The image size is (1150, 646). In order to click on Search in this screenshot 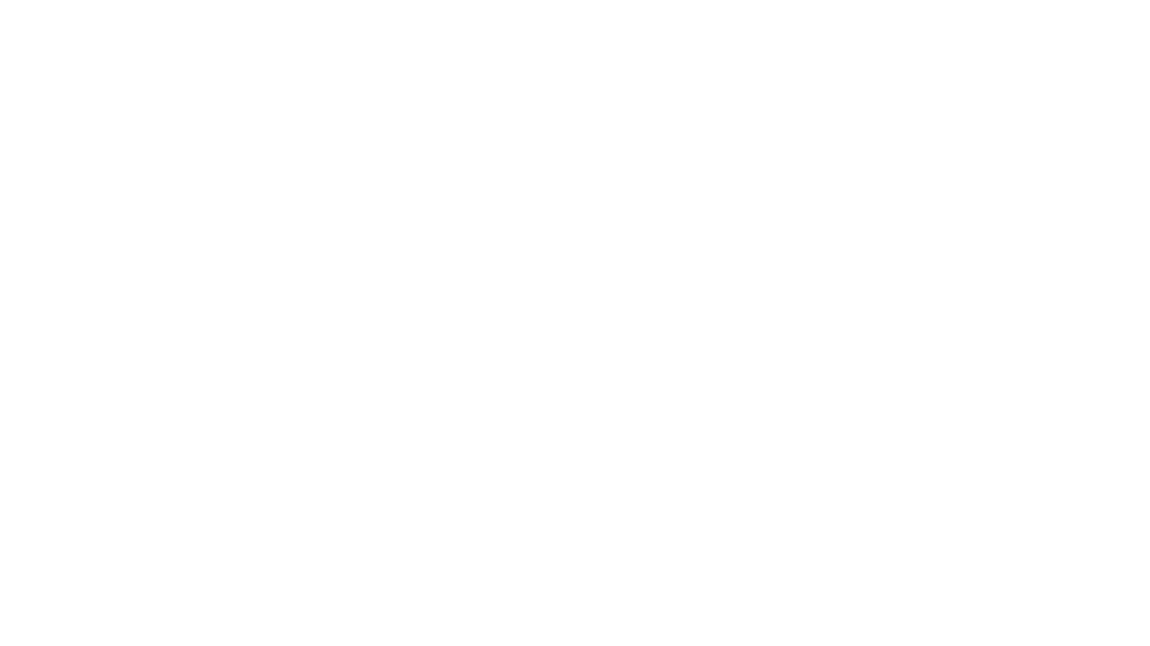, I will do `click(917, 33)`.